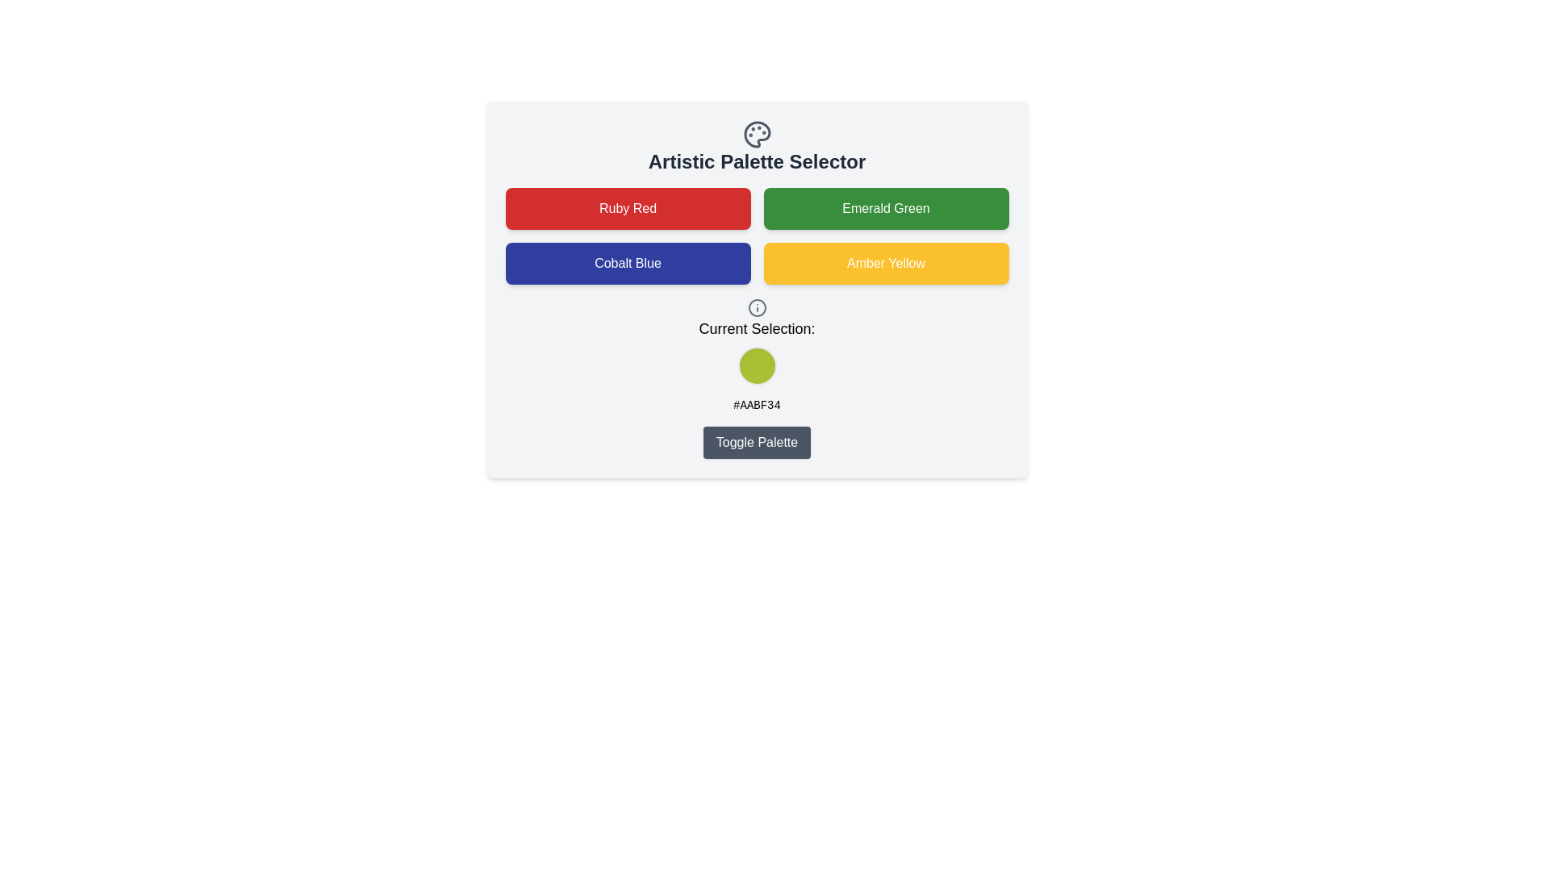  What do you see at coordinates (756, 147) in the screenshot?
I see `the header element titled 'Artistic Palette Selector' which is styled with bold and large font and is centered at the top of the palette selection interface` at bounding box center [756, 147].